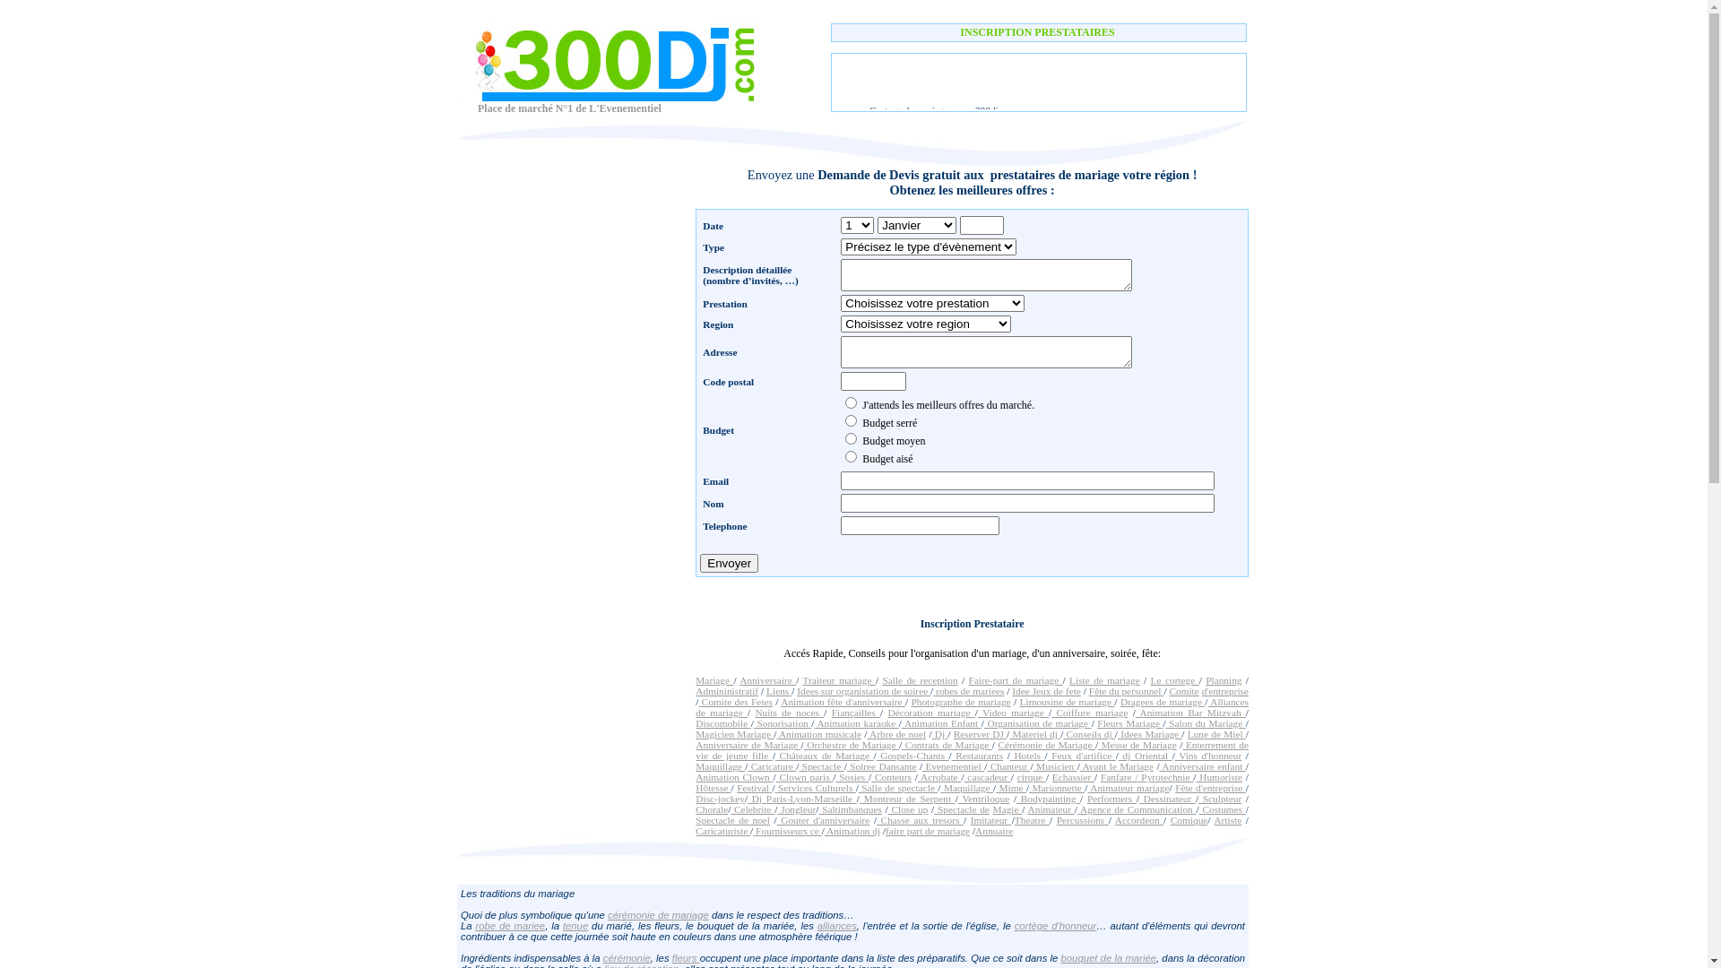  Describe the element at coordinates (967, 690) in the screenshot. I see `'robes de mariees'` at that location.